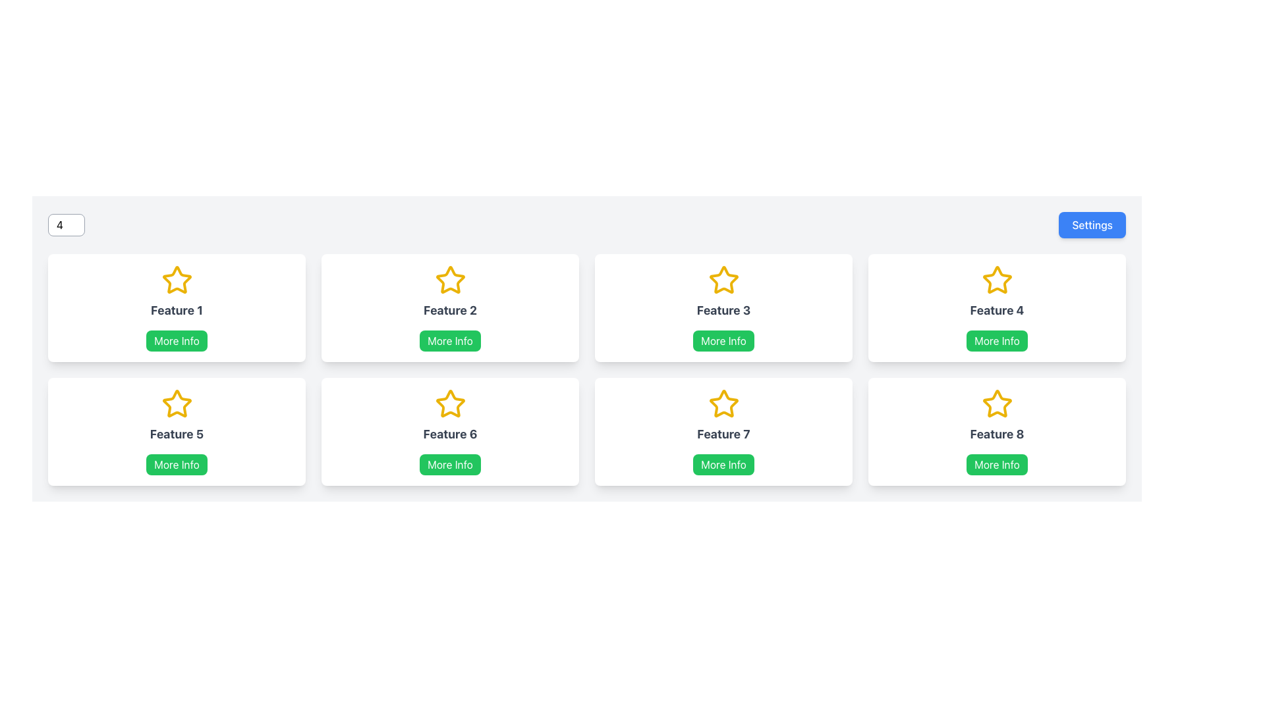  I want to click on the feature marker icon for 'Feature 2' located at the top-center of the white card in the second position of the first row of the grid layout, directly above the 'More Info' button, so click(450, 279).